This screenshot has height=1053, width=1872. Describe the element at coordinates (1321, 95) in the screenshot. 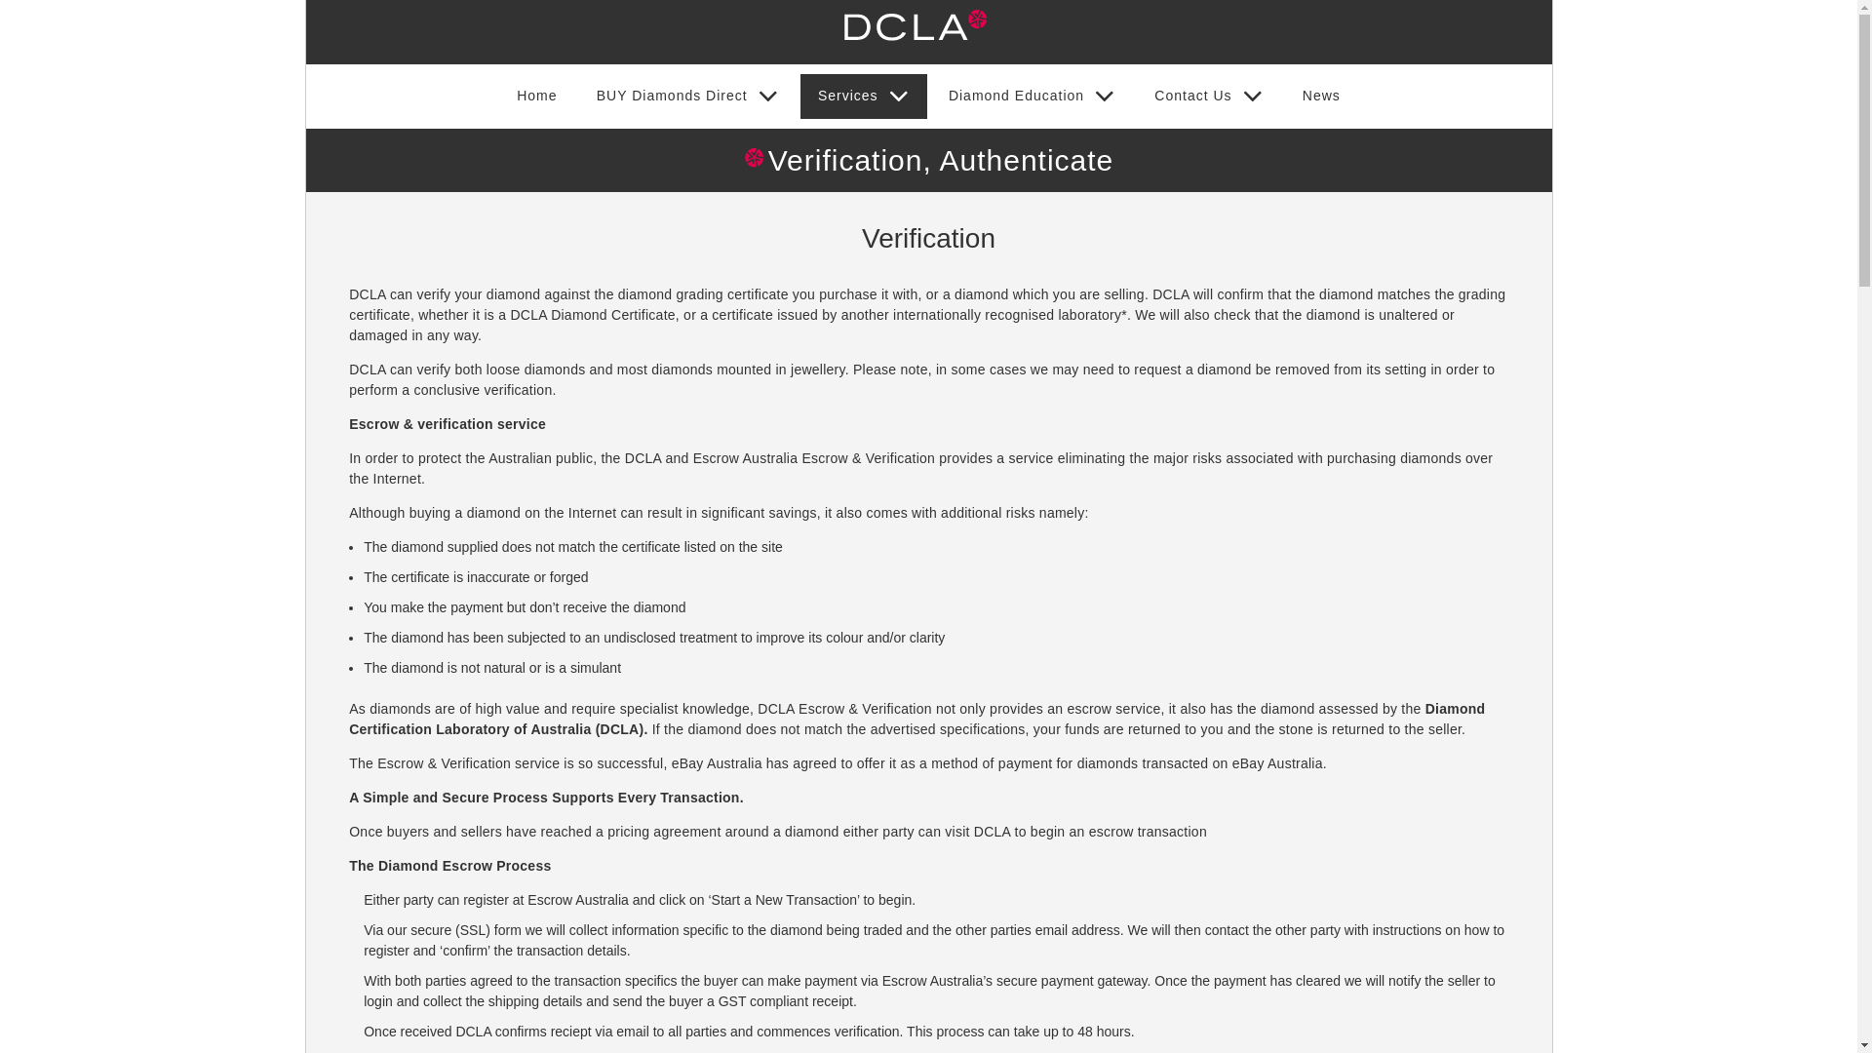

I see `'News'` at that location.